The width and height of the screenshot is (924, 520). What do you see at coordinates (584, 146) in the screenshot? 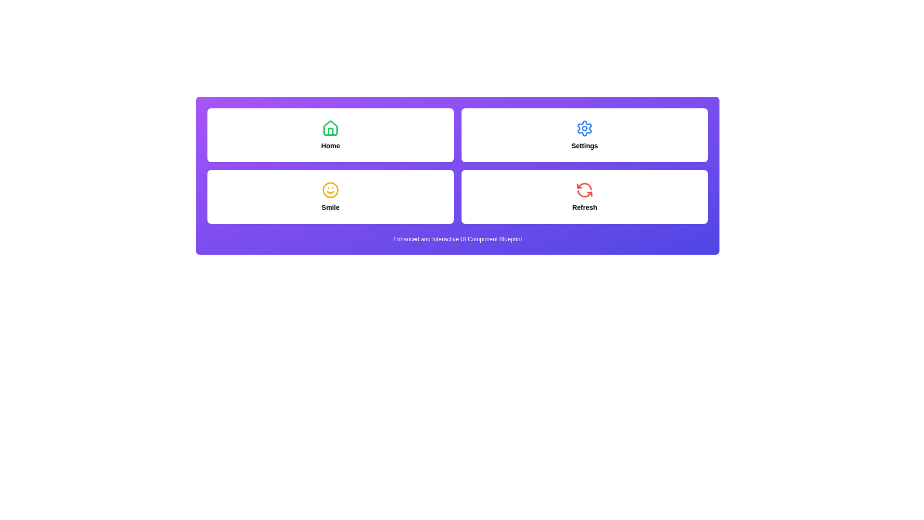
I see `the 'Settings' text label, which is styled with a smaller size font and bold weight, located below the gear-shaped icon in the top-right corner of the grid layout` at bounding box center [584, 146].